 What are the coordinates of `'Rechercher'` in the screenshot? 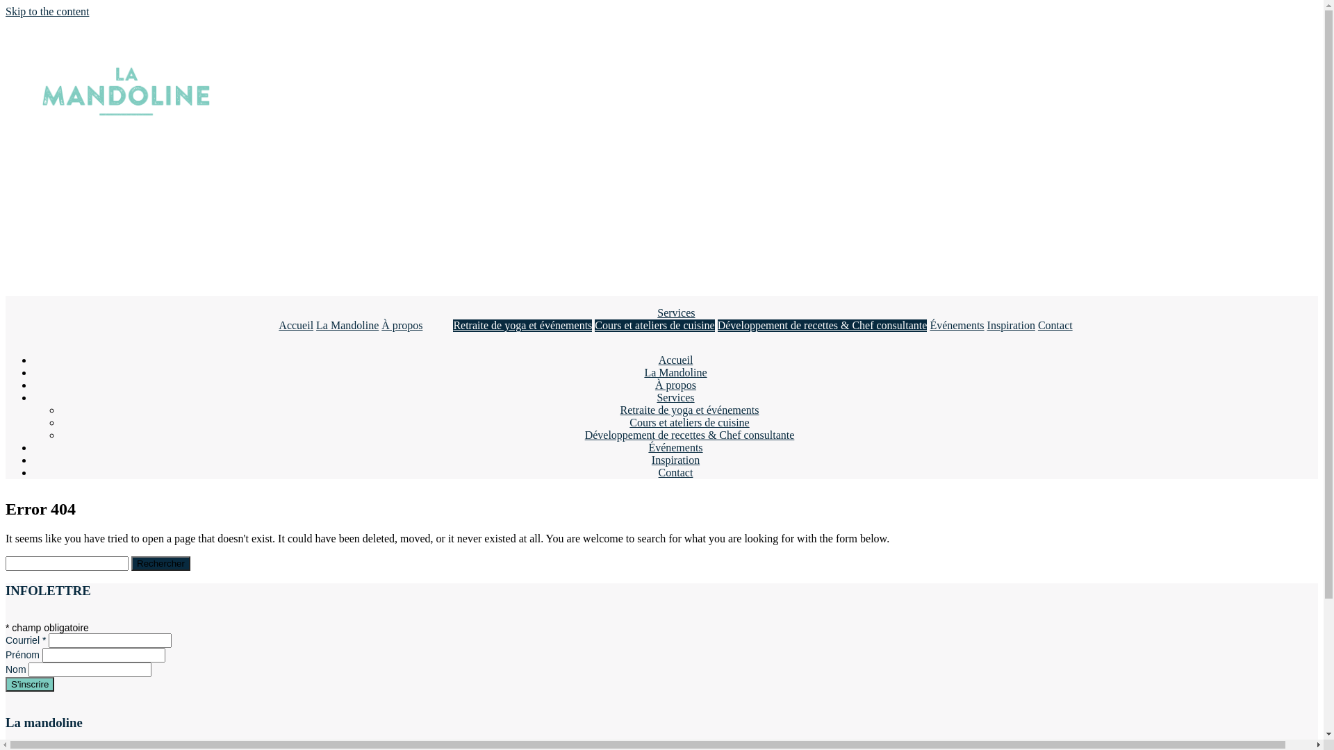 It's located at (131, 563).